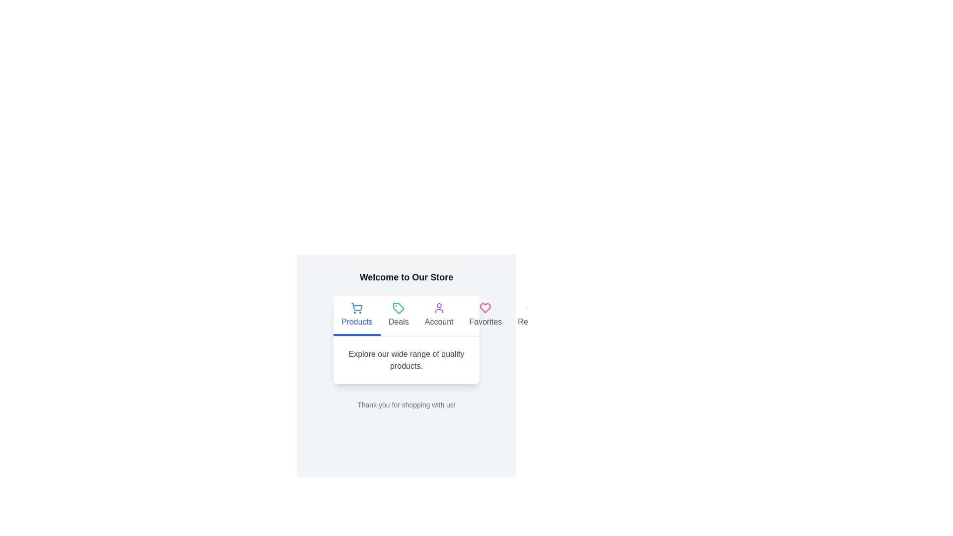  Describe the element at coordinates (399, 315) in the screenshot. I see `the 'Deals' interactive menu option in the navigation bar` at that location.